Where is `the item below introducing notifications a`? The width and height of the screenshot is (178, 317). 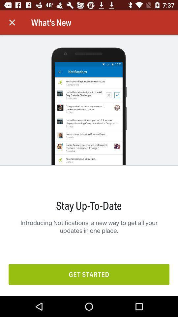
the item below introducing notifications a is located at coordinates (89, 274).